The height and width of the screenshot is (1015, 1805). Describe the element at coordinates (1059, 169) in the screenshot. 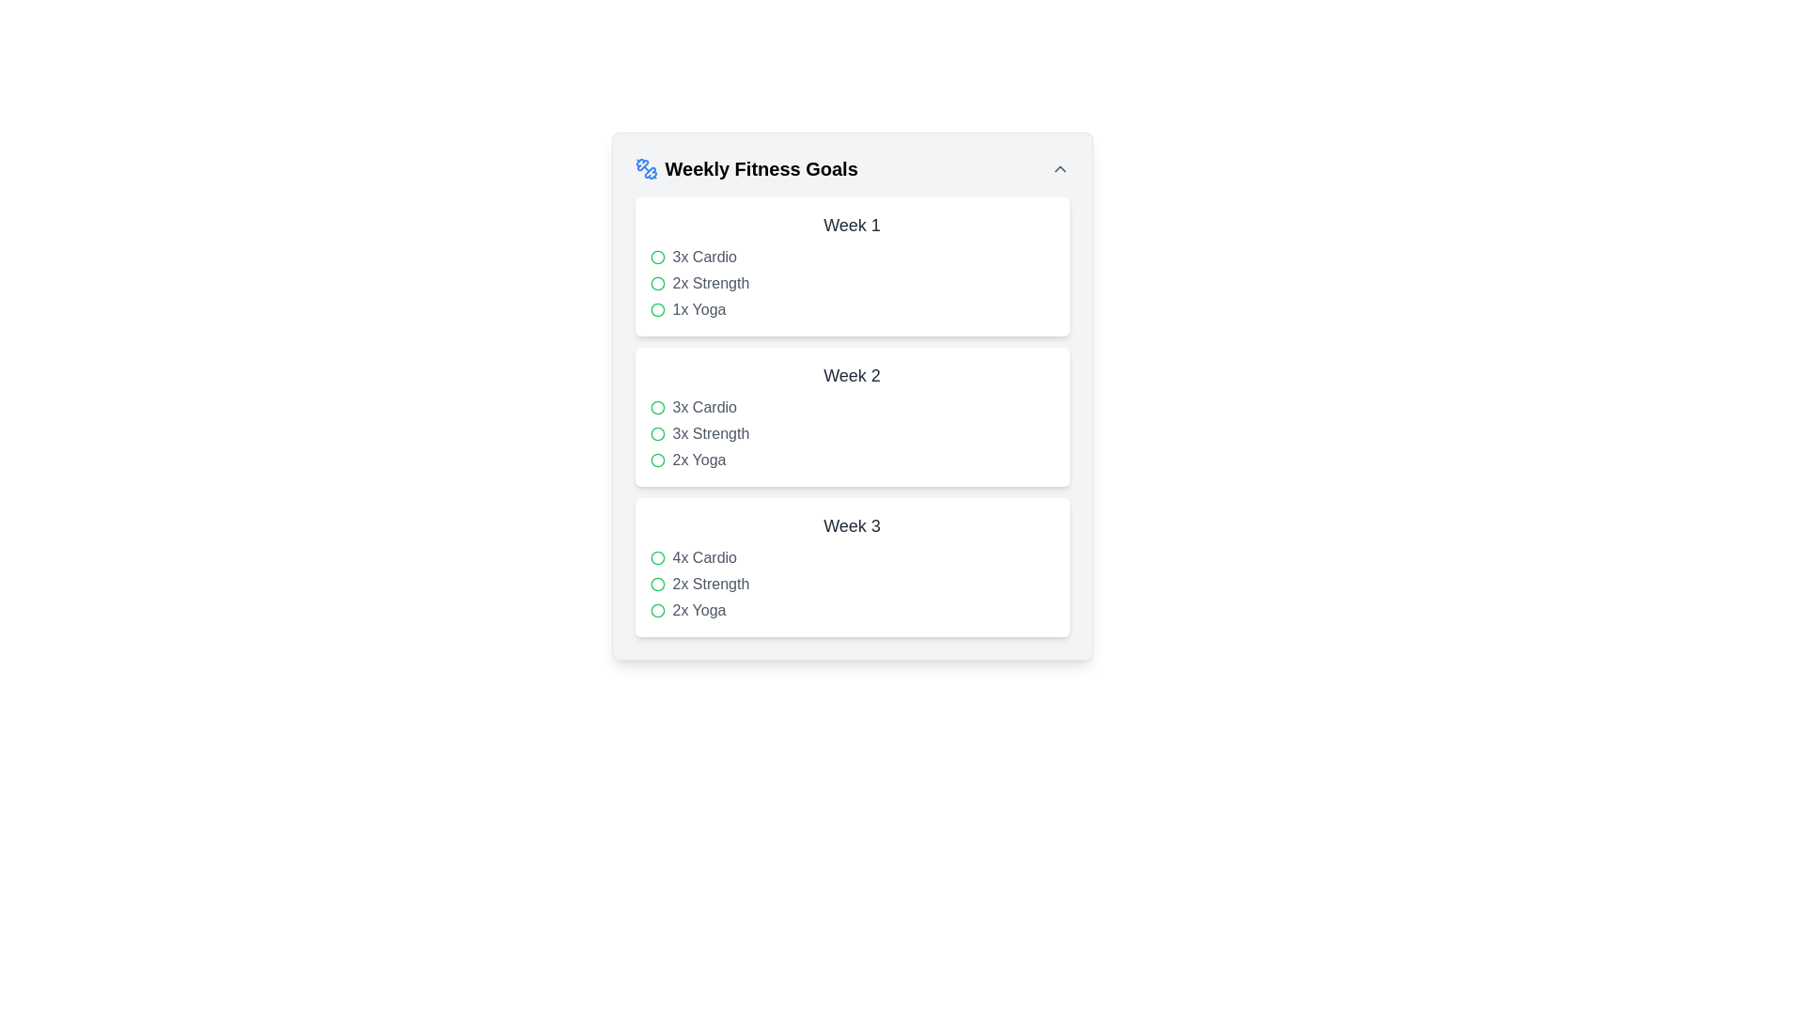

I see `the toggle icon button located at the top-right corner of the 'Weekly Fitness Goals' section to show or hide its contents` at that location.